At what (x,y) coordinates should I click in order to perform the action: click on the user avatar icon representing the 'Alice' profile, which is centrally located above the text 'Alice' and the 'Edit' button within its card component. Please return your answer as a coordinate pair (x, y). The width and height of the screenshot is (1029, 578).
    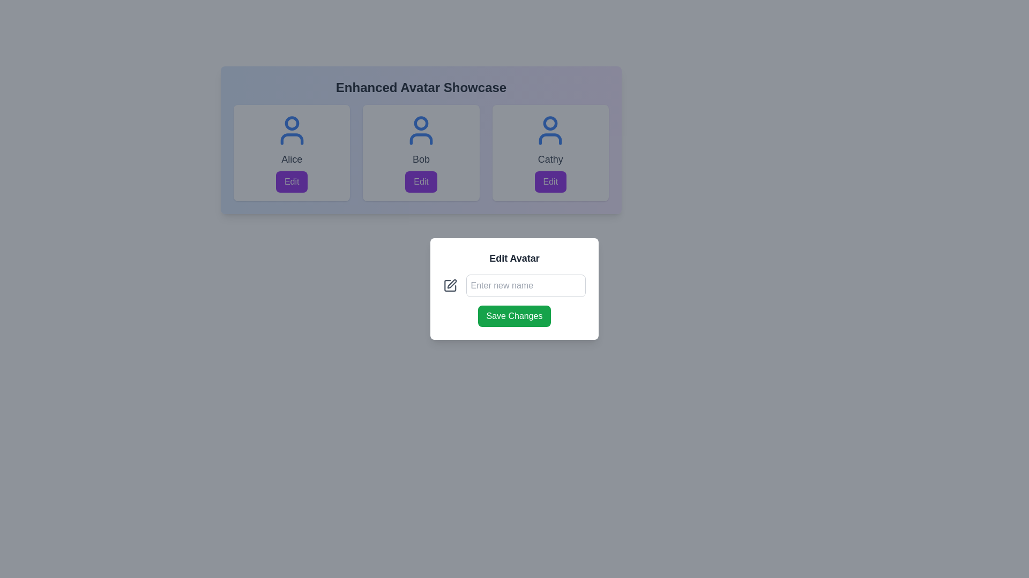
    Looking at the image, I should click on (292, 130).